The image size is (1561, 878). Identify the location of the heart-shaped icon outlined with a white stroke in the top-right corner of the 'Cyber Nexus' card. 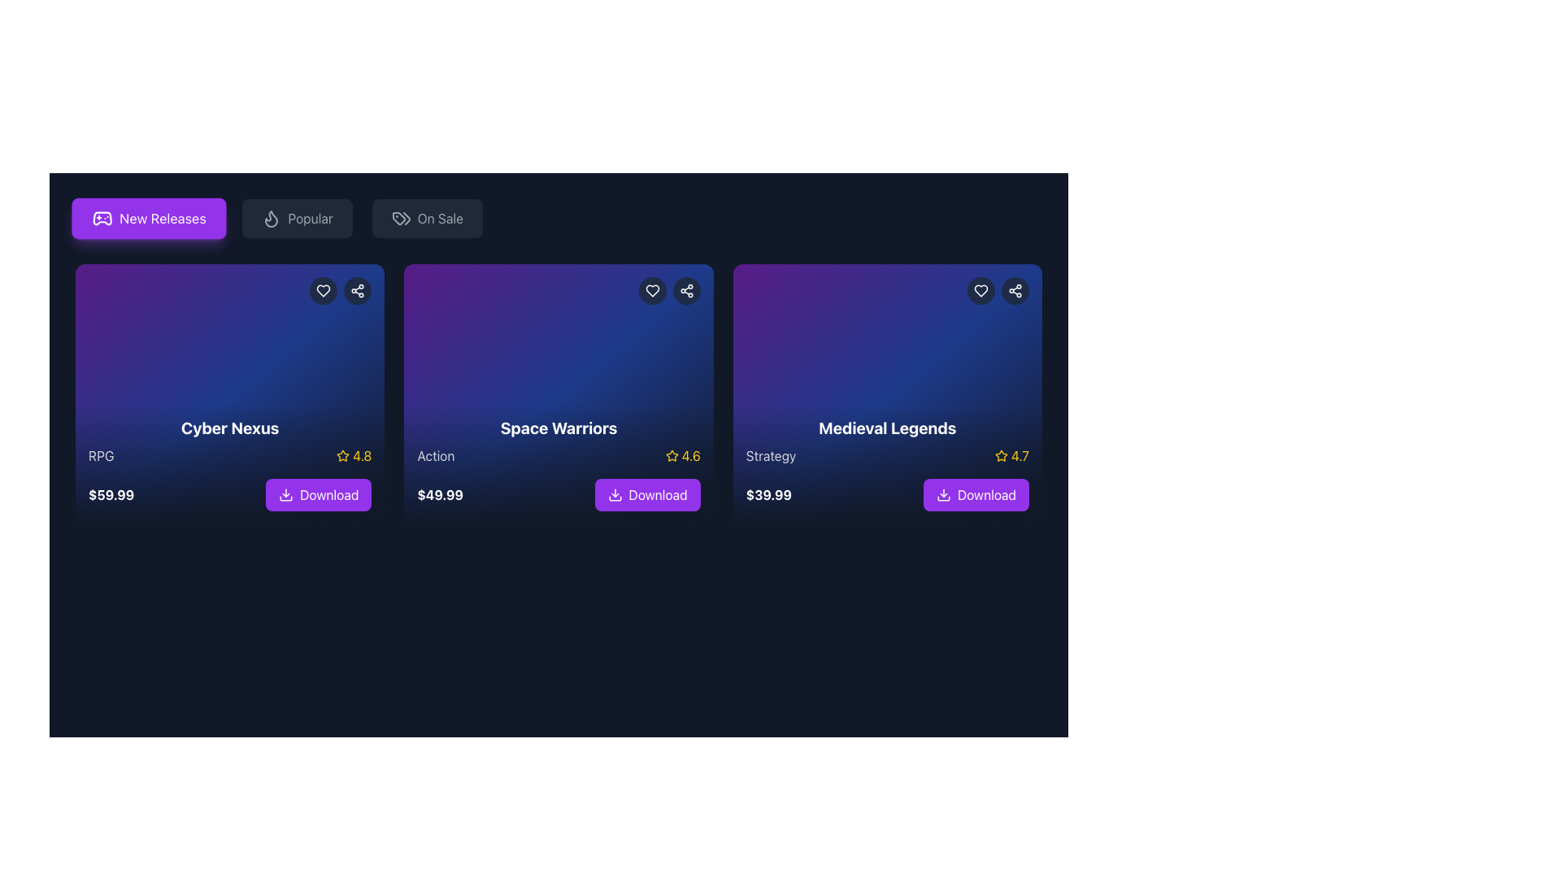
(324, 290).